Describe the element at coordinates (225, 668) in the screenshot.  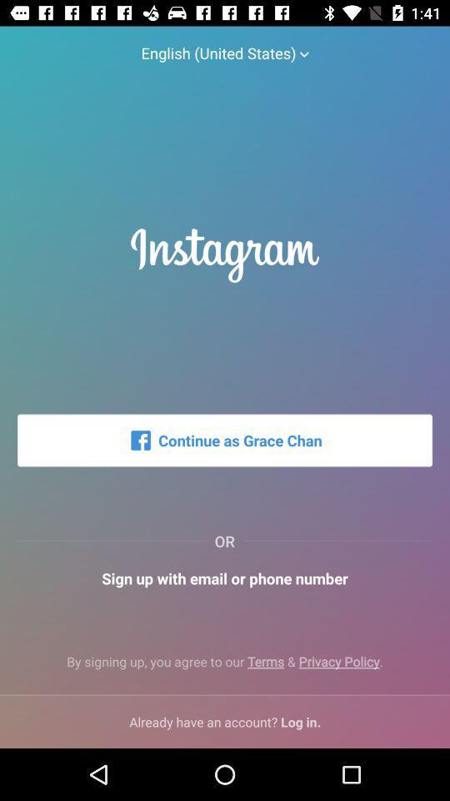
I see `by signing up` at that location.